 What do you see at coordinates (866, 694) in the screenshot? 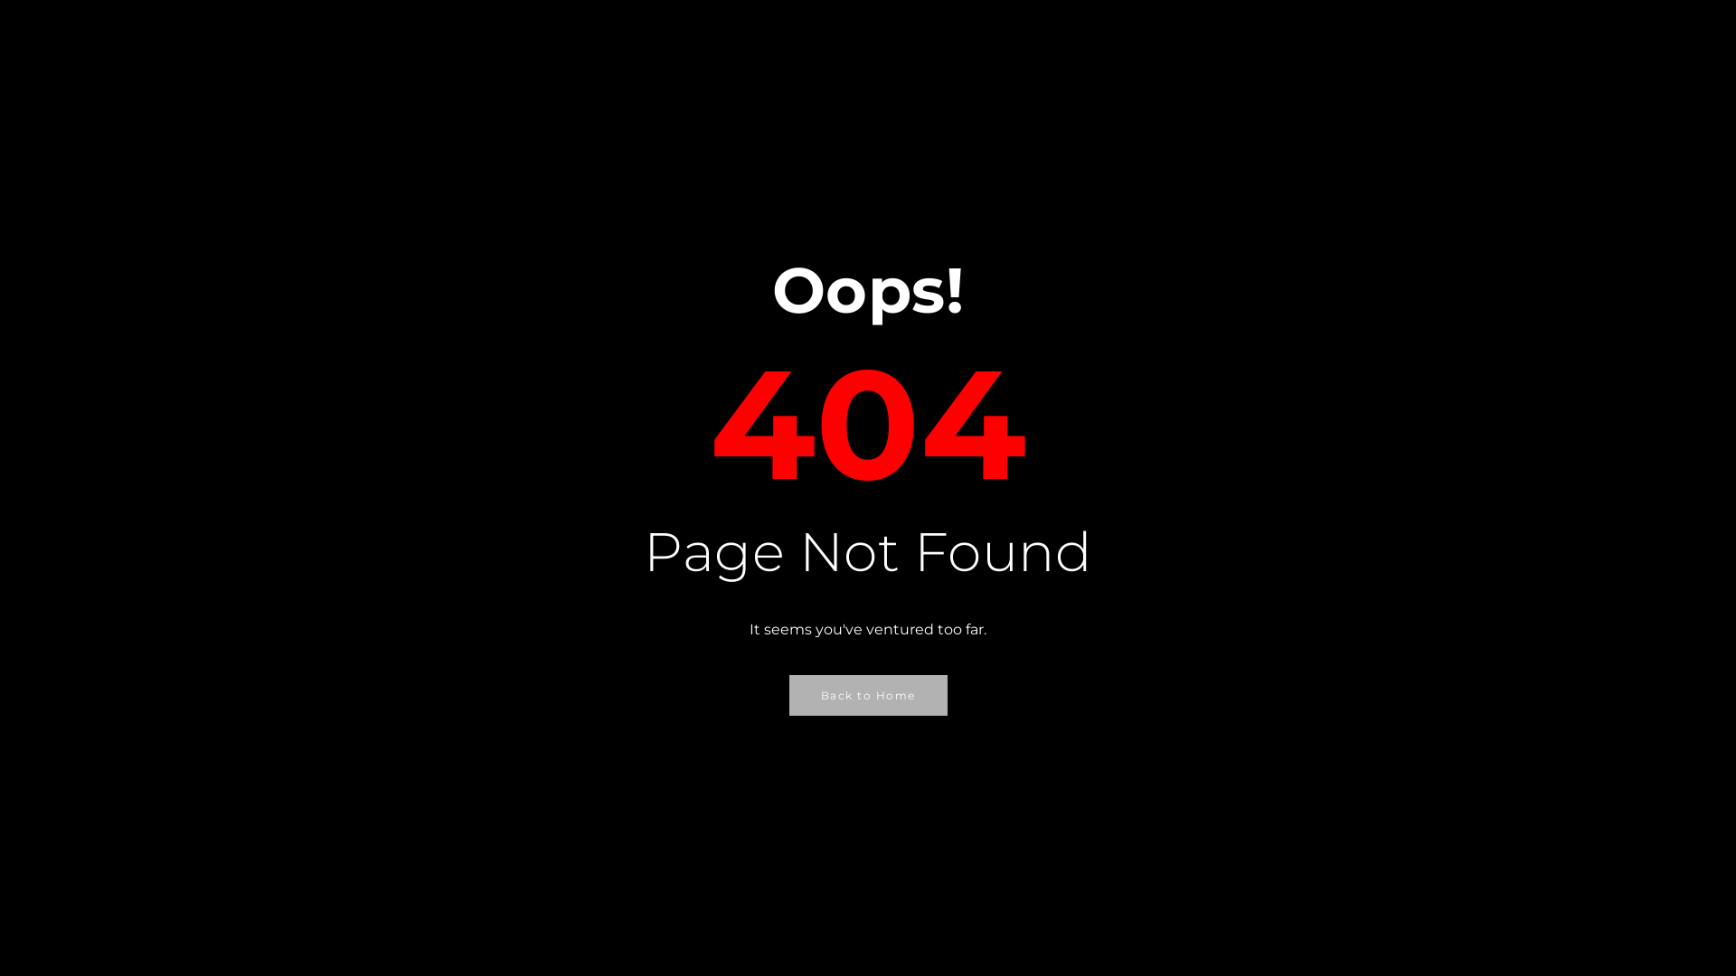
I see `'Back to Home'` at bounding box center [866, 694].